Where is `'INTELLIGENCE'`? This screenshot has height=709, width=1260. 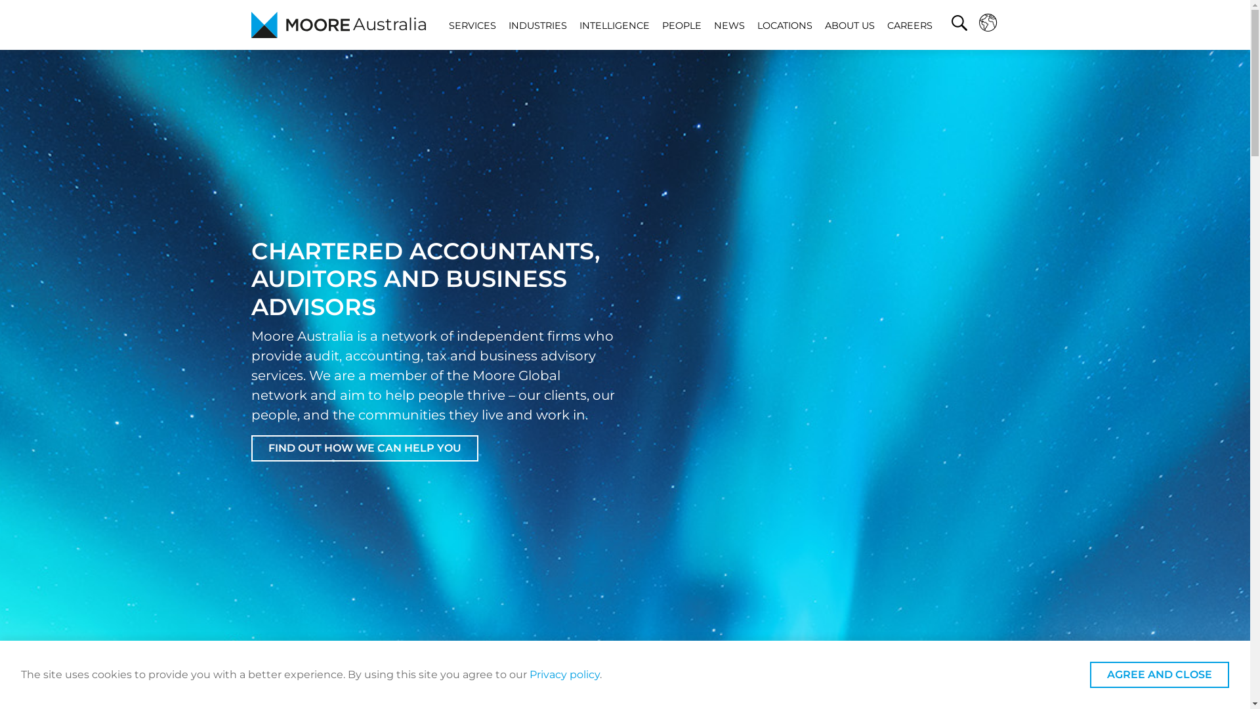 'INTELLIGENCE' is located at coordinates (614, 25).